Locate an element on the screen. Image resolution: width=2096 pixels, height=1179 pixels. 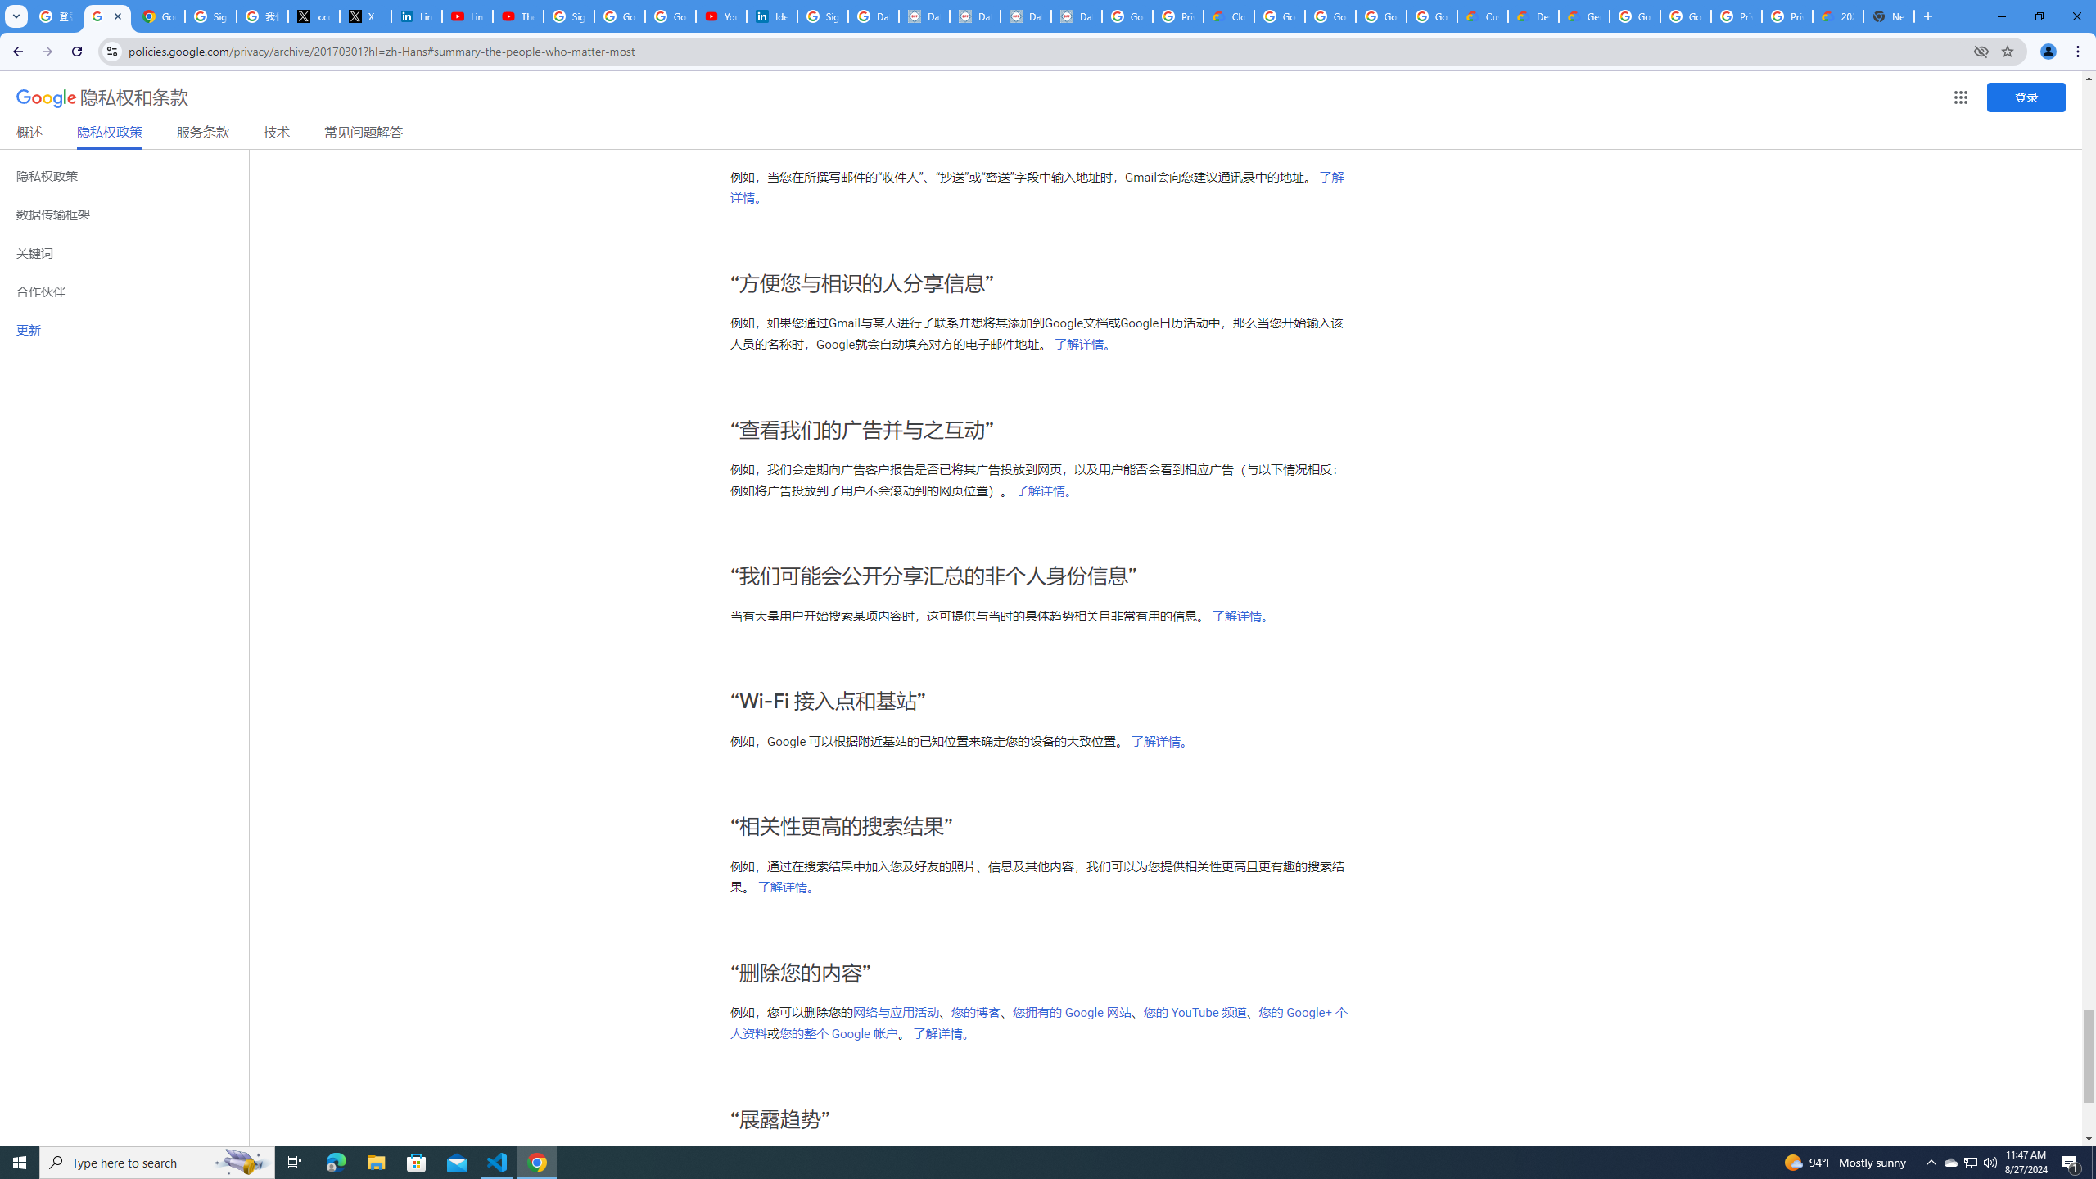
'Cloud Data Processing Addendum | Google Cloud' is located at coordinates (1228, 16).